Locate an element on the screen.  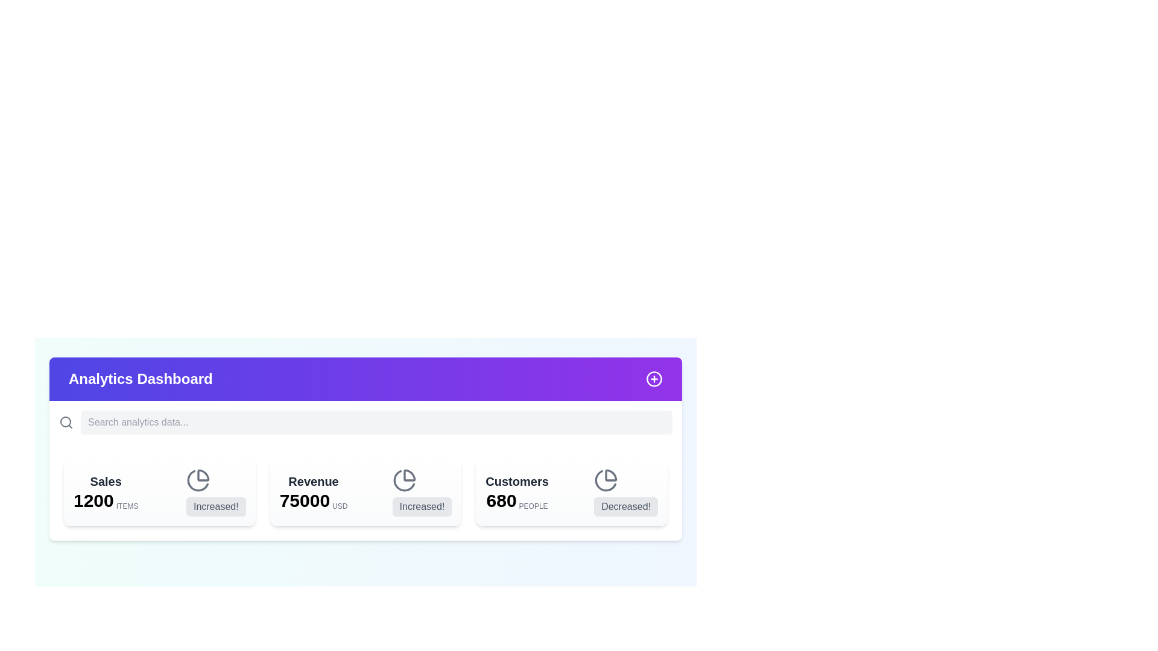
the 'ITEMS' text label, which is styled in medium-weight gray font and positioned next to the numerical value '1200' under the 'Sales' label is located at coordinates (127, 506).